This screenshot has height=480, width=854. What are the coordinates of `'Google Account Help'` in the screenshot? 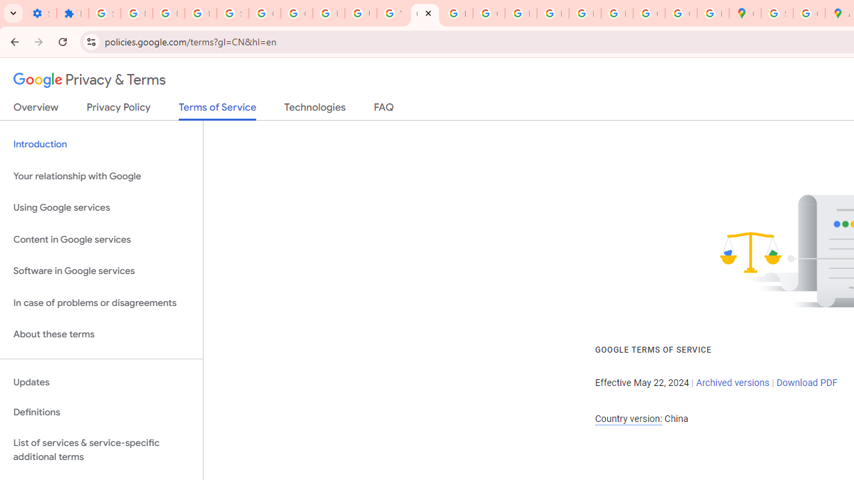 It's located at (264, 13).